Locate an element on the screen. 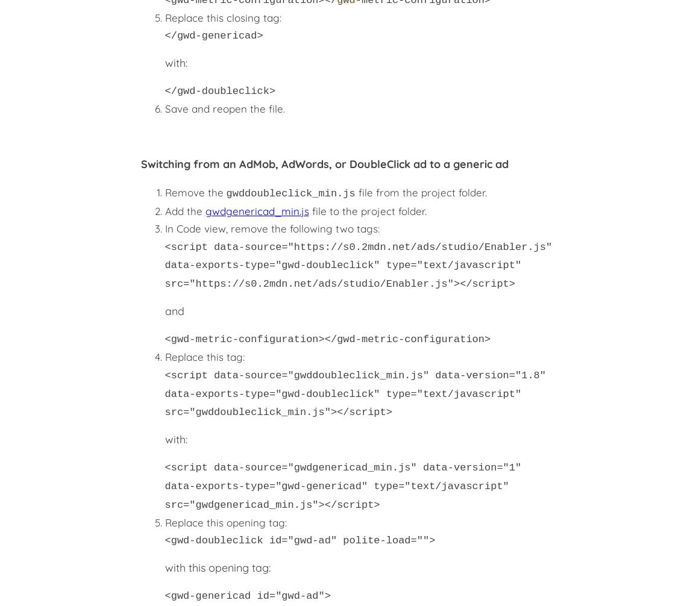  'Remove the' is located at coordinates (195, 191).